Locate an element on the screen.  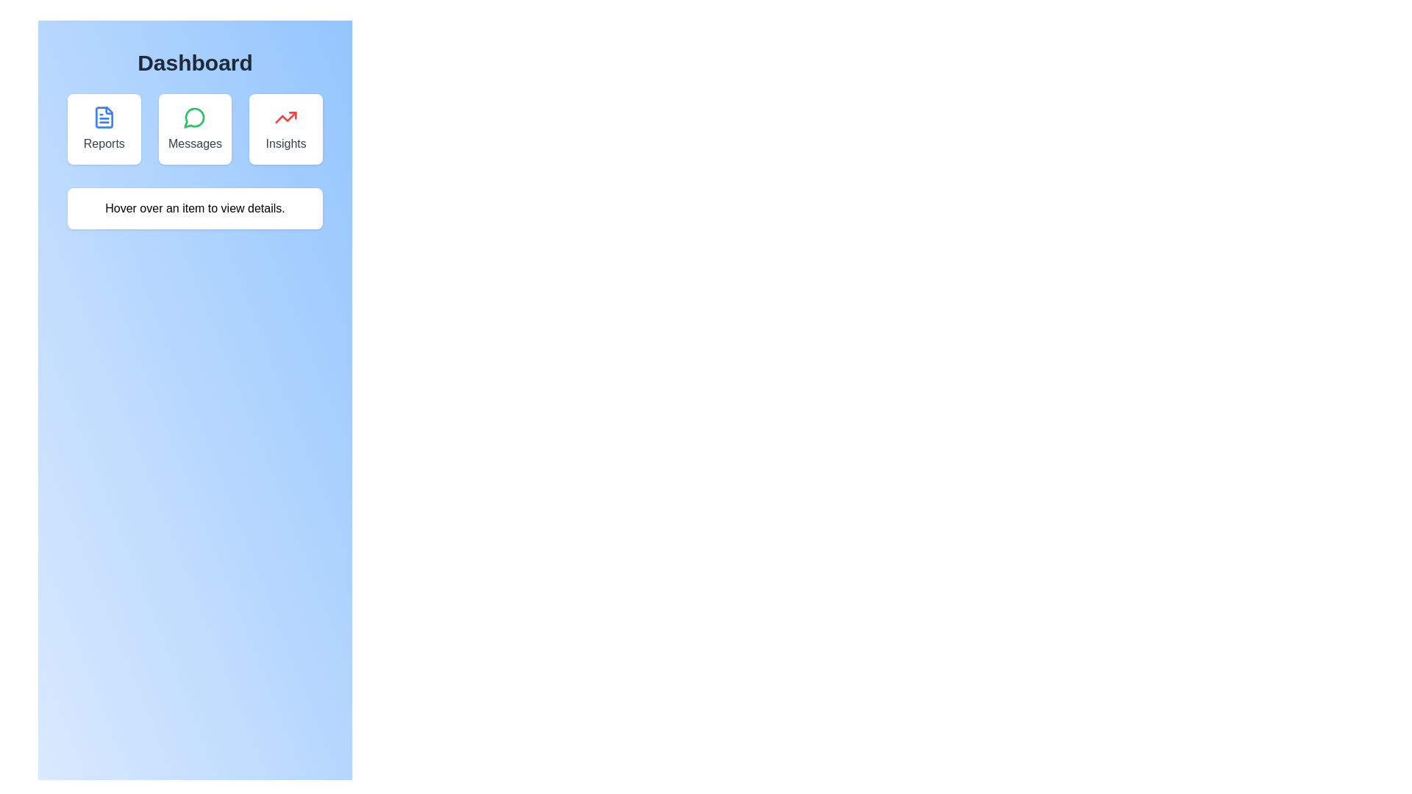
the 'Messages' icon located in the center of the 'Messages' card, which is the middle card under the 'Dashboard' heading is located at coordinates (194, 116).